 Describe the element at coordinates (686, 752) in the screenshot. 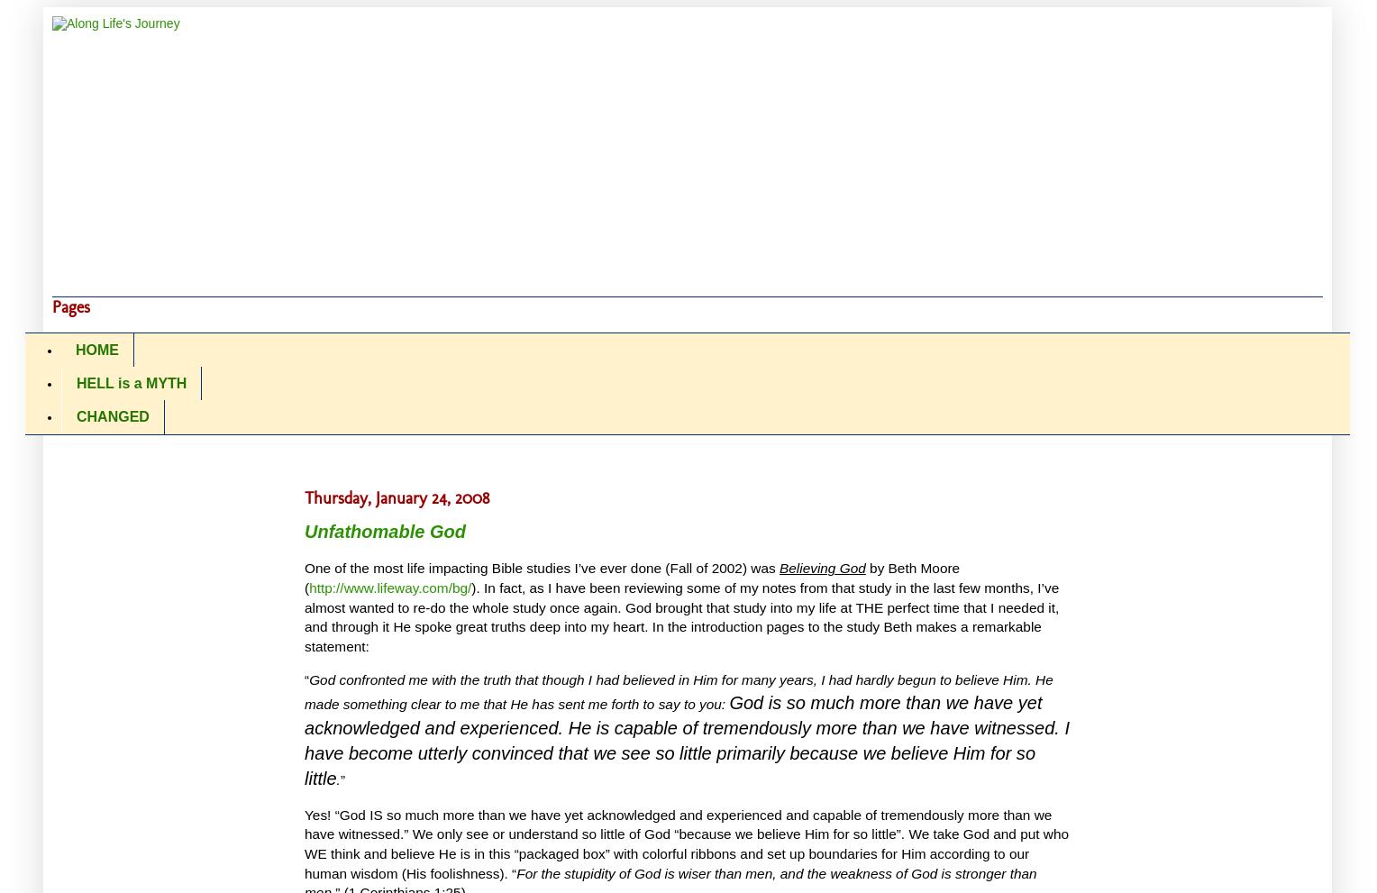

I see `'I have become utterly convinced that we see so little primarily because we believe Him for so little'` at that location.